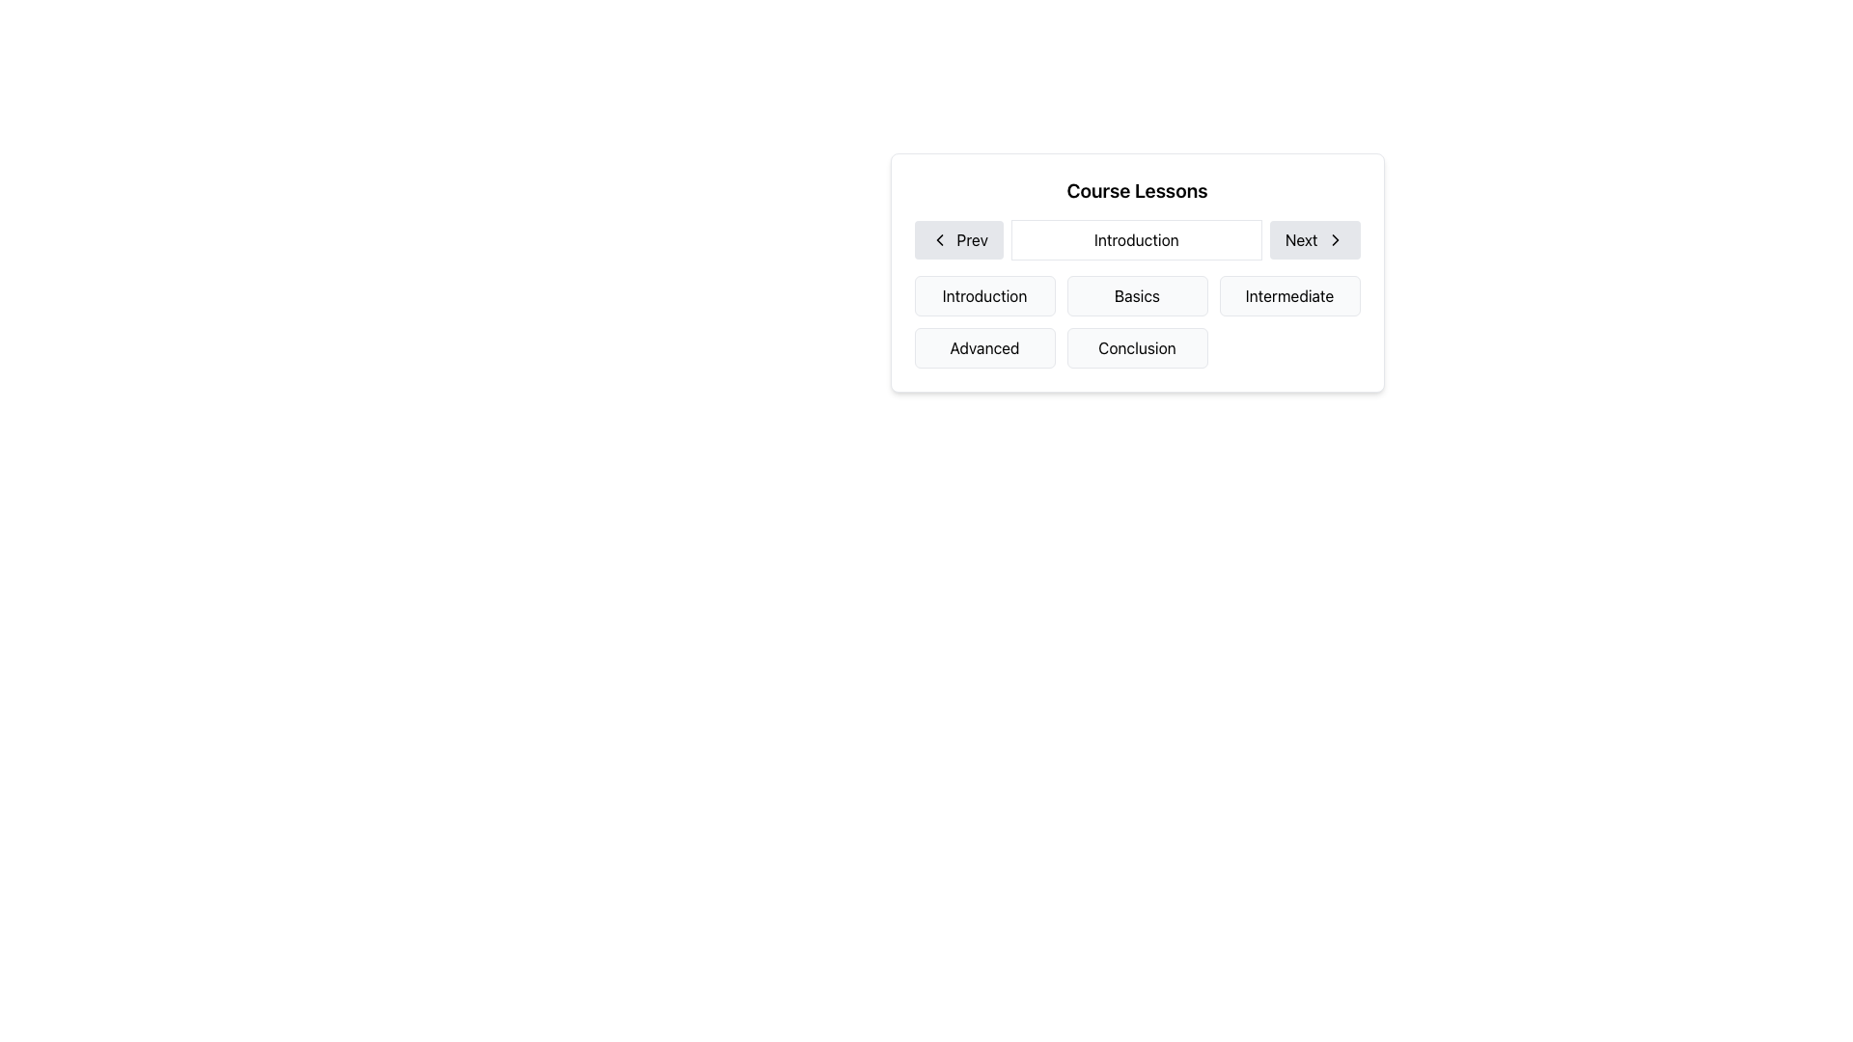  I want to click on the 'Intermediate' button for keyboard interactions by moving the cursor to its center point, preparing it for Tab navigation, so click(1289, 296).